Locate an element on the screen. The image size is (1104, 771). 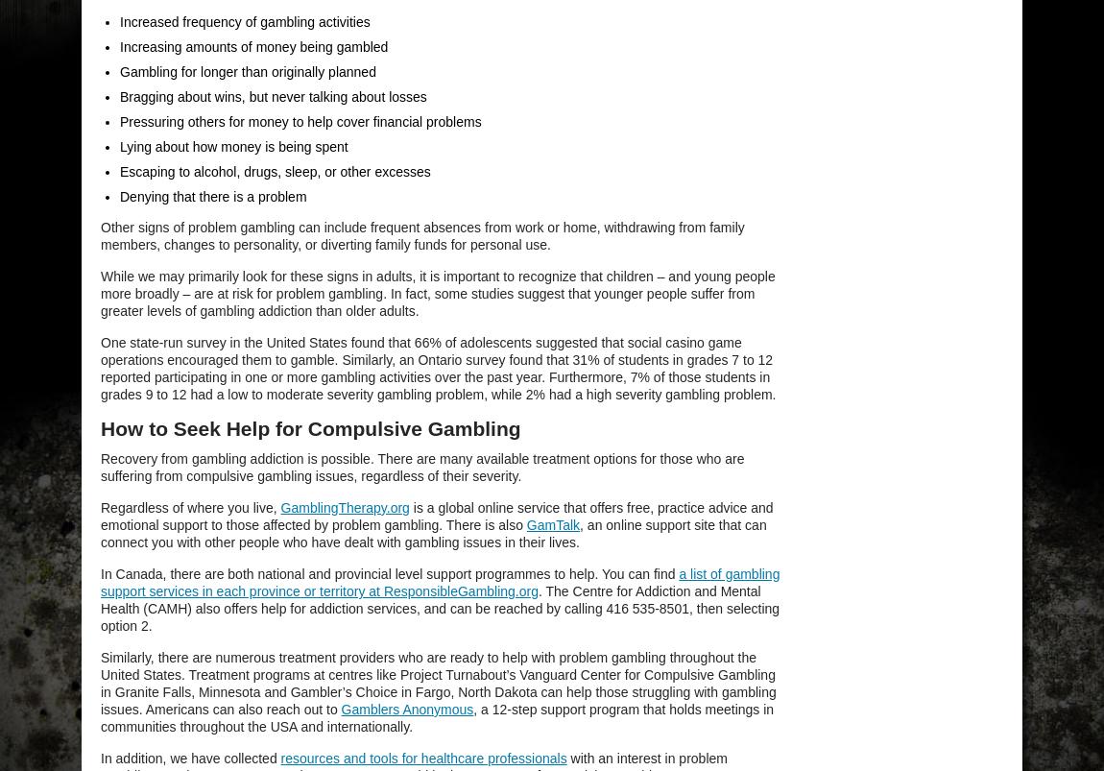
', a 12-step support program that holds meetings in communities throughout the USA and internationally.' is located at coordinates (437, 717).